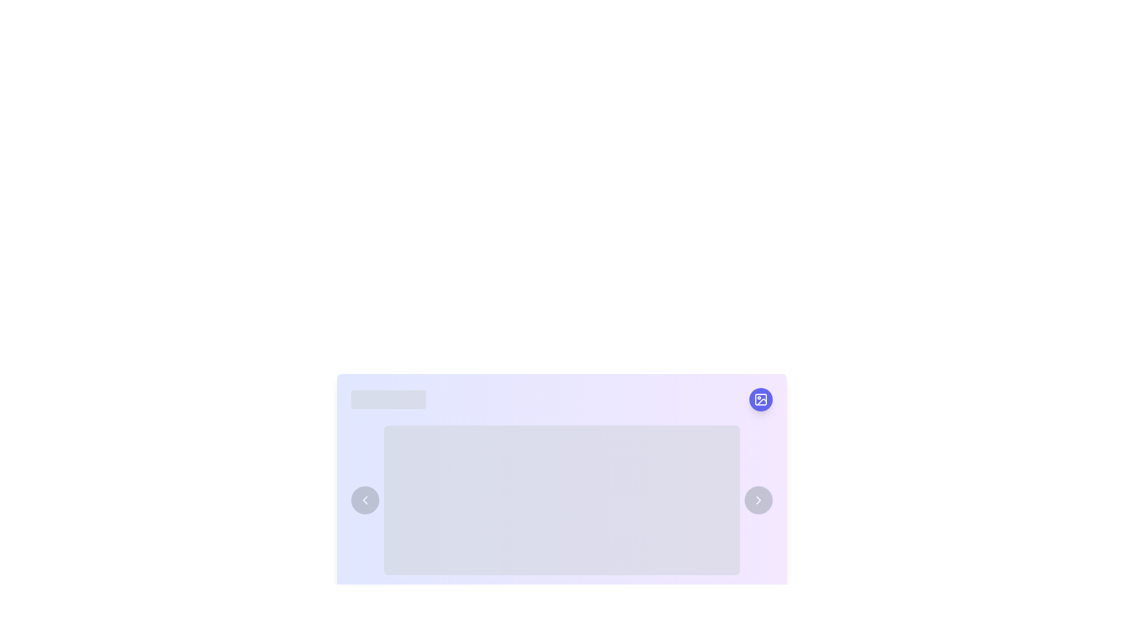 The width and height of the screenshot is (1124, 632). I want to click on the image action icon located at the far-right corner of the panel, so click(760, 399).